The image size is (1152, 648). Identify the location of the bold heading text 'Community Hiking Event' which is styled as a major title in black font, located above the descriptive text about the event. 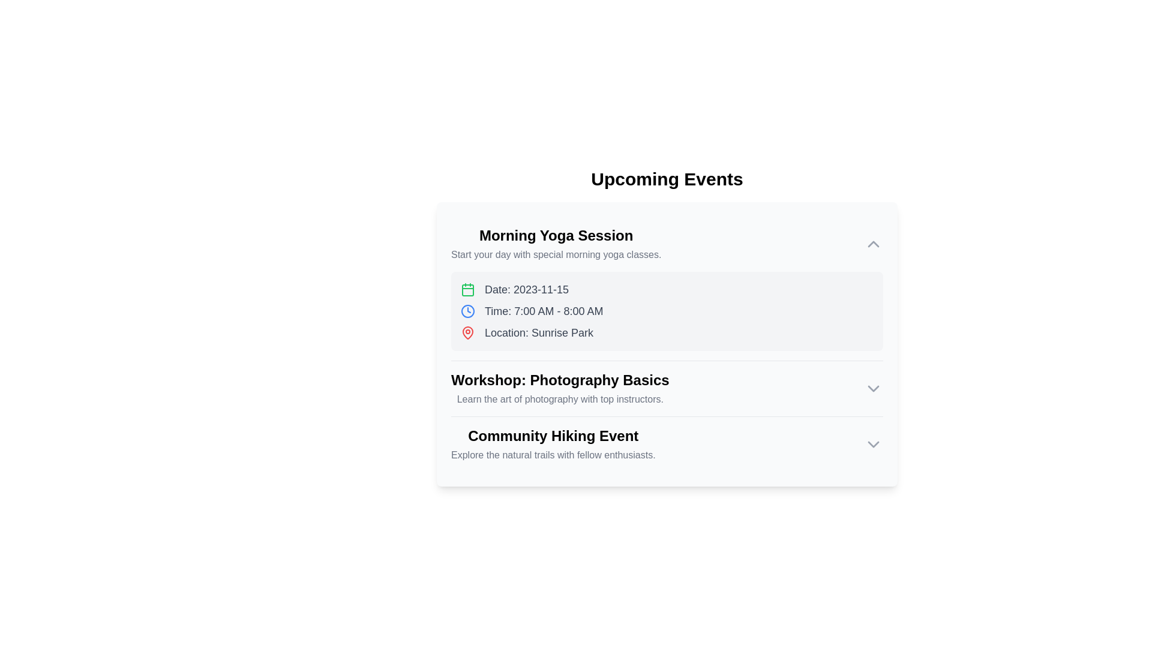
(553, 436).